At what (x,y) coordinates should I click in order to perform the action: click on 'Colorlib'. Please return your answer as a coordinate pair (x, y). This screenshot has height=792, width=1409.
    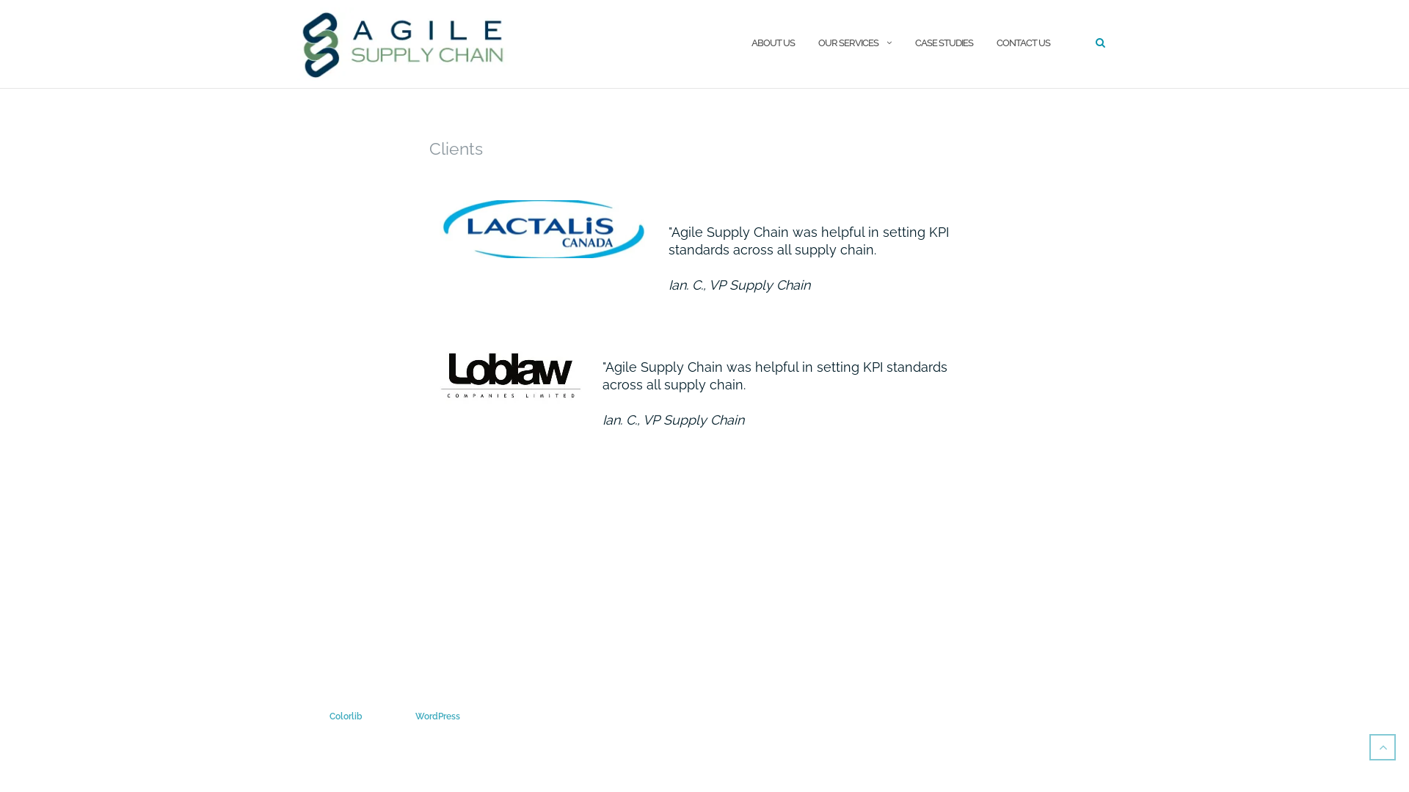
    Looking at the image, I should click on (345, 715).